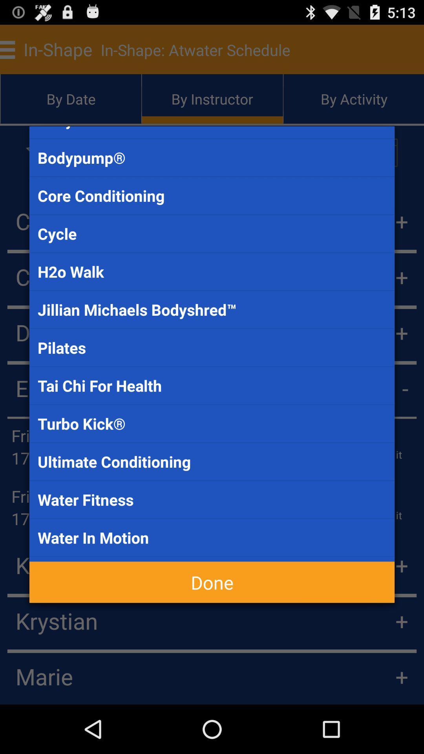  I want to click on the water fitness item, so click(212, 499).